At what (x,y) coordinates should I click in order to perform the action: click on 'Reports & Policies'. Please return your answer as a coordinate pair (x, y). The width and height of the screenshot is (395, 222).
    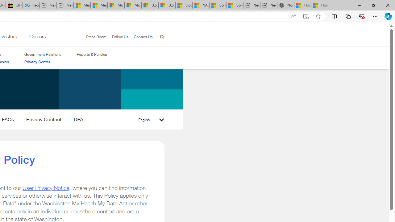
    Looking at the image, I should click on (91, 54).